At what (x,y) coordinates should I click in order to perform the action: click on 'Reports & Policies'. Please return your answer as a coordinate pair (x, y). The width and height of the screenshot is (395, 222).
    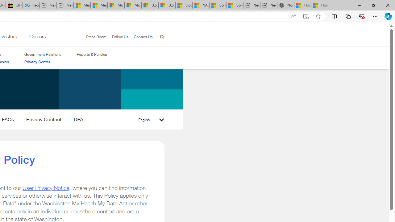
    Looking at the image, I should click on (91, 54).